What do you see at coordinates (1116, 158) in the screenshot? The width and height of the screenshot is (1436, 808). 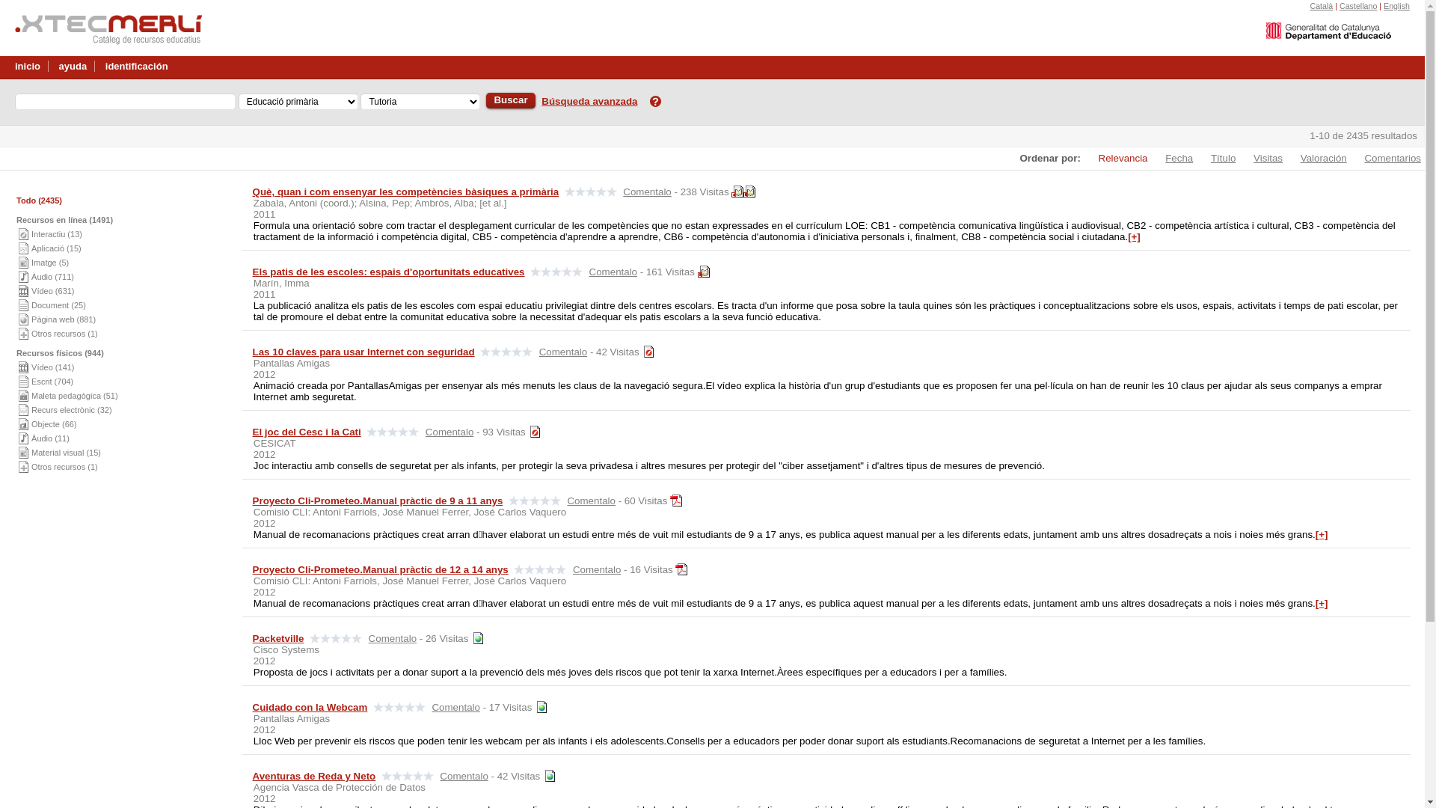 I see `'Relevancia'` at bounding box center [1116, 158].